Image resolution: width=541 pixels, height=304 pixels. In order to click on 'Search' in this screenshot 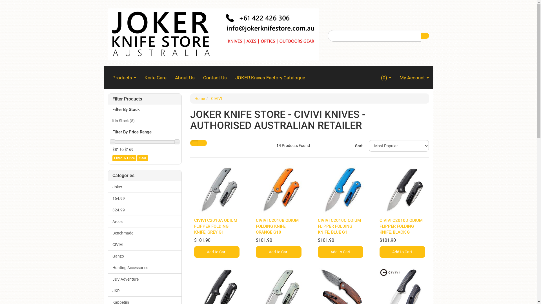, I will do `click(425, 36)`.